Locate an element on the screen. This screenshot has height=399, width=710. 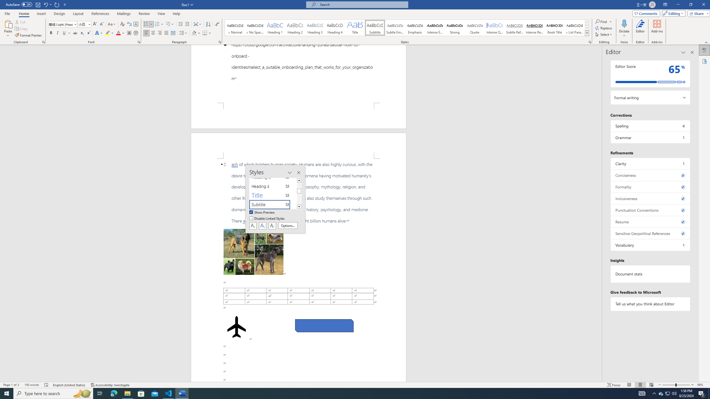
'Font...' is located at coordinates (139, 42).